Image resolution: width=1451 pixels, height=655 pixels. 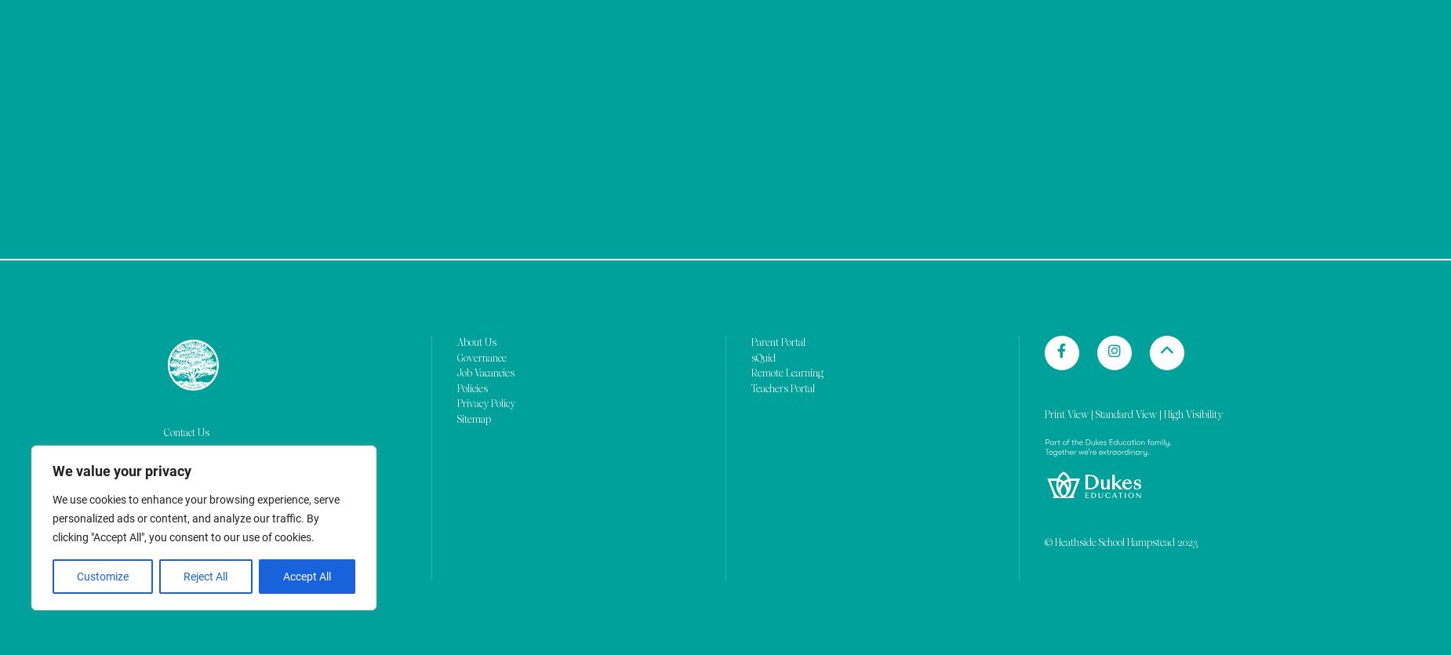 What do you see at coordinates (1043, 159) in the screenshot?
I see `'© Heathside School Hampstead 2023'` at bounding box center [1043, 159].